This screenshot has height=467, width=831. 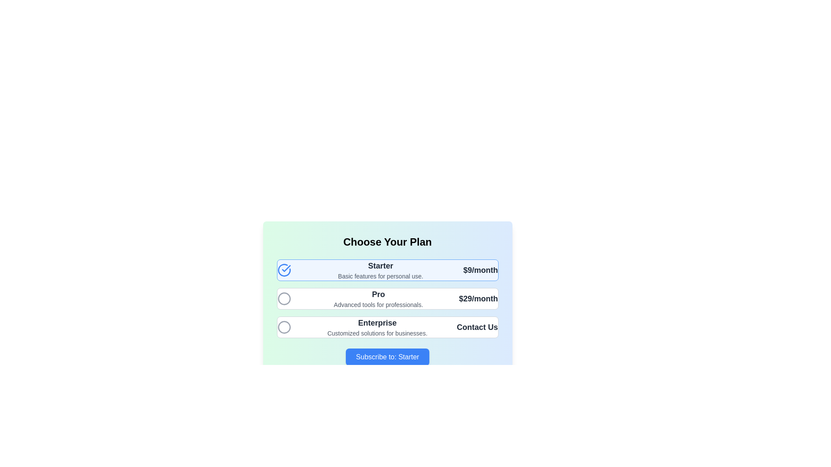 I want to click on the circular radio button corresponding to the 'Pro' plan option in the 'Choose Your Plan' section, so click(x=284, y=298).